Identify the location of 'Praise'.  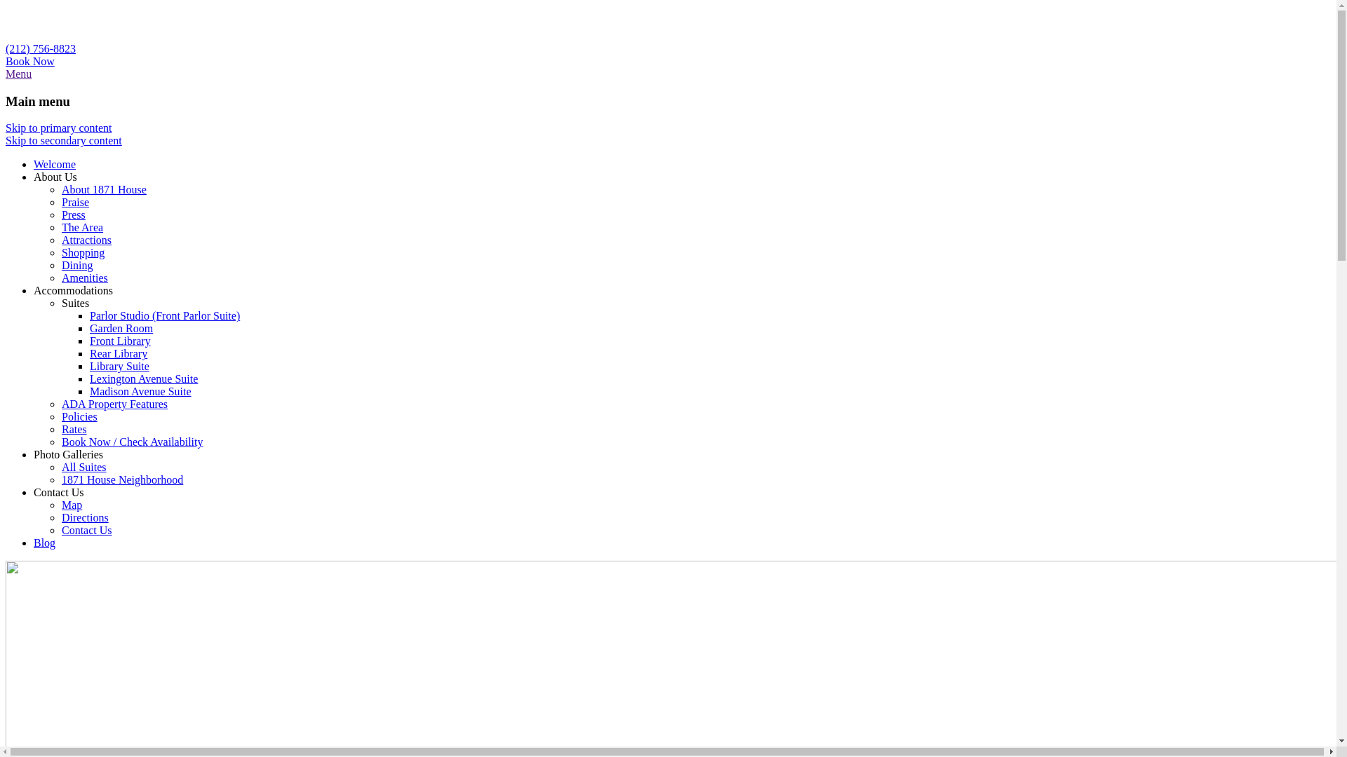
(74, 202).